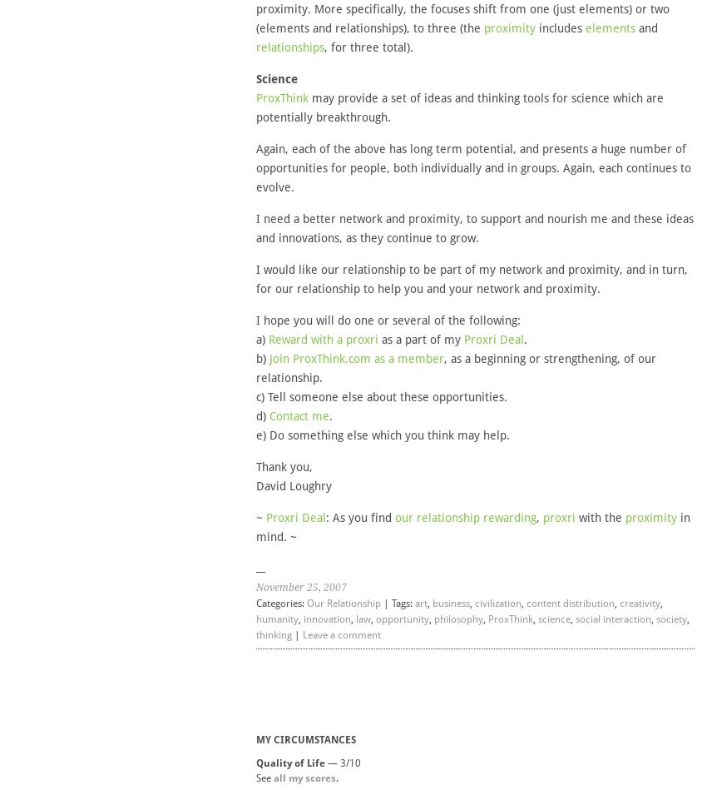 This screenshot has height=795, width=707. Describe the element at coordinates (612, 619) in the screenshot. I see `'social interaction'` at that location.